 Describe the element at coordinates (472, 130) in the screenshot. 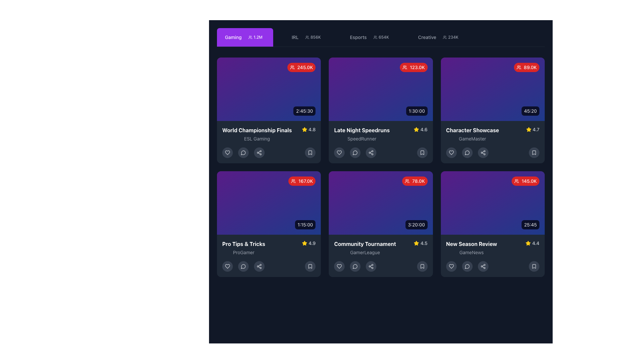

I see `the static text label displaying 'Character Showcase' in bold, white font, which is positioned above the subtitle 'GameMaster' in a 3x2 grid layout` at that location.